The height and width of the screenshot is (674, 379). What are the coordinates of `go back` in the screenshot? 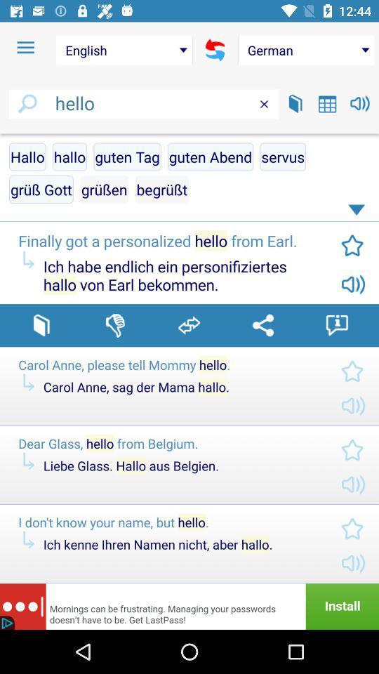 It's located at (215, 50).